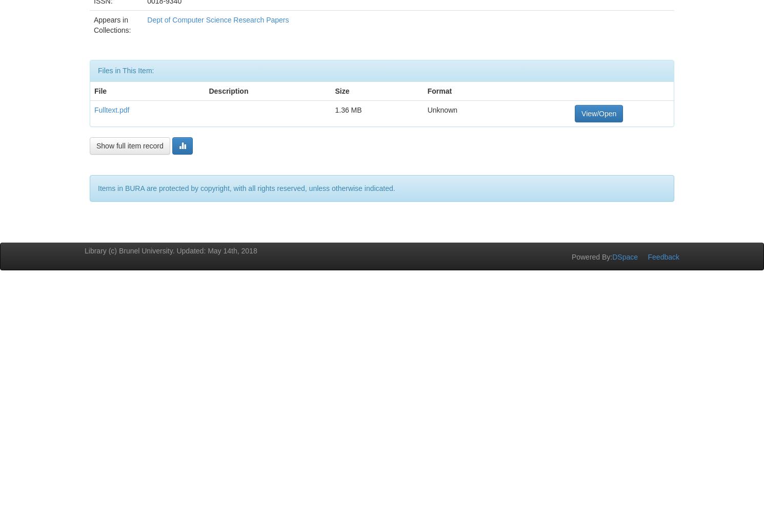  What do you see at coordinates (335, 109) in the screenshot?
I see `'1.36 MB'` at bounding box center [335, 109].